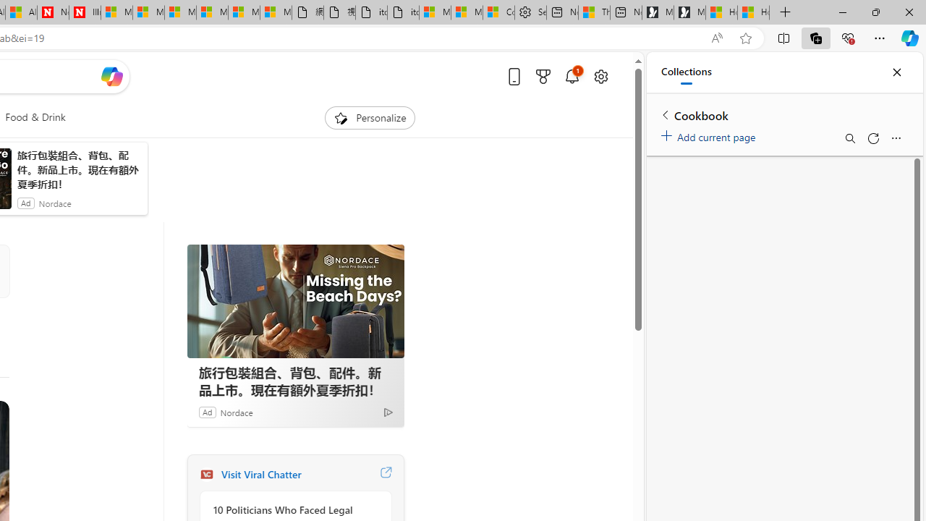 The width and height of the screenshot is (926, 521). What do you see at coordinates (370, 117) in the screenshot?
I see `'Personalize'` at bounding box center [370, 117].